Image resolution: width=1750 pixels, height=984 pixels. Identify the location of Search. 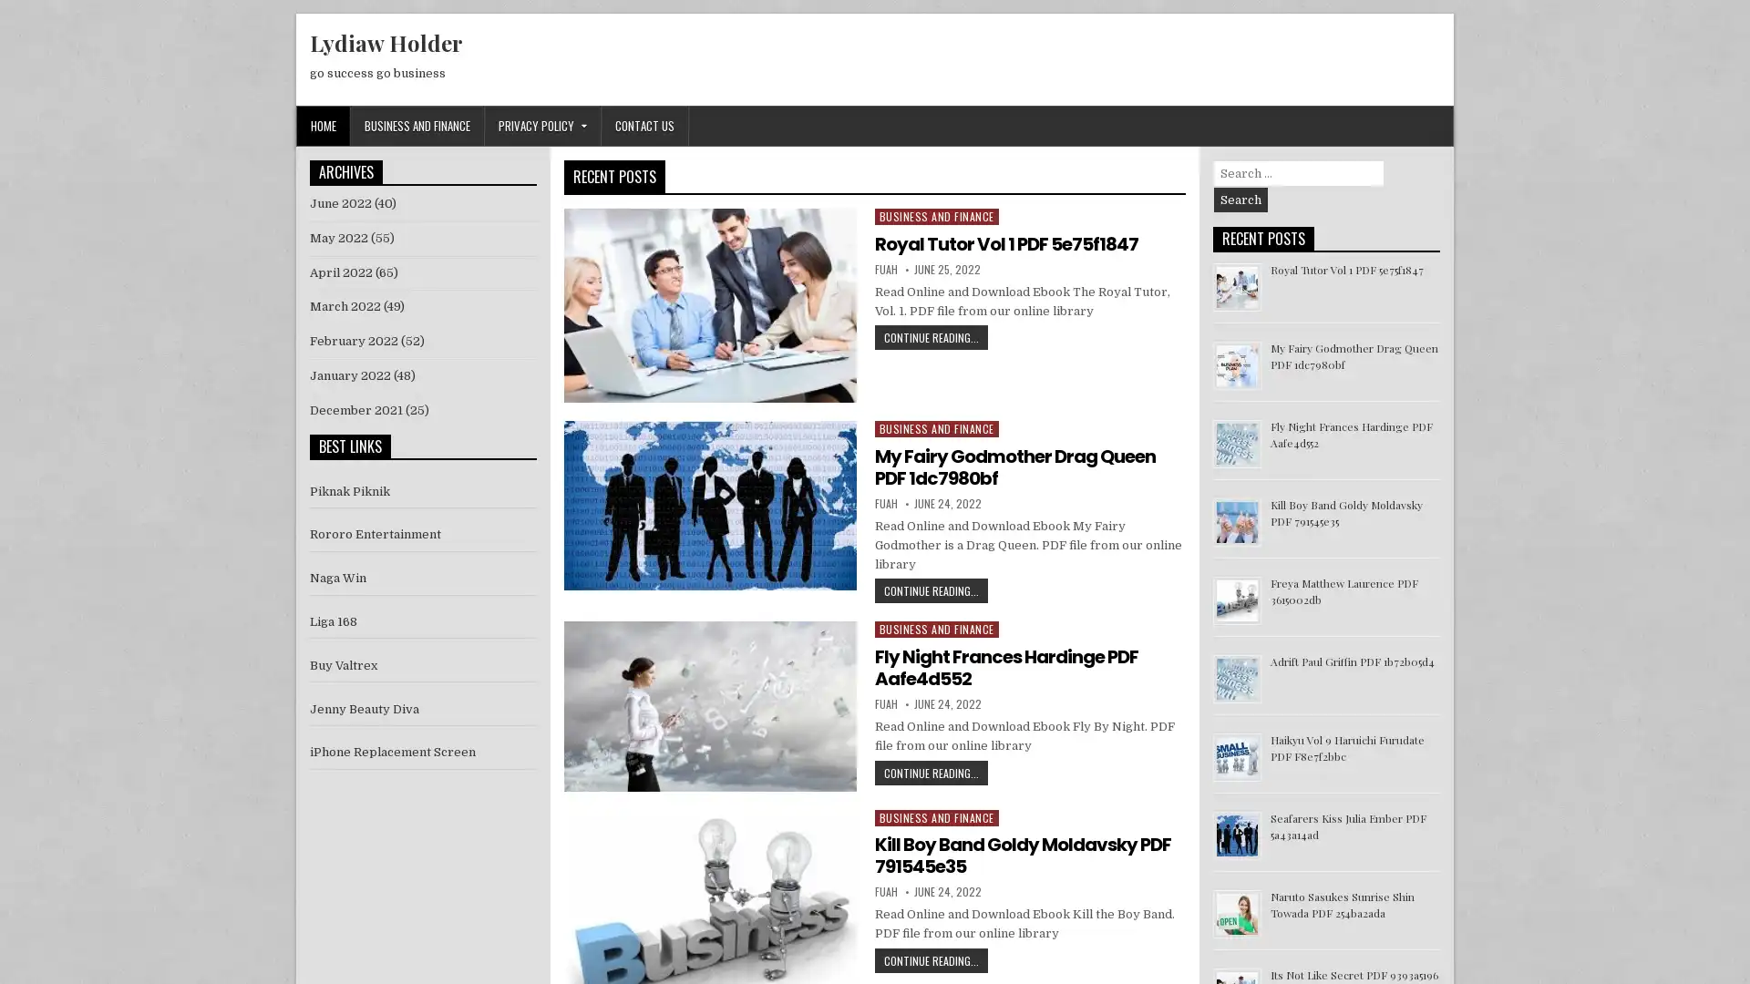
(1240, 200).